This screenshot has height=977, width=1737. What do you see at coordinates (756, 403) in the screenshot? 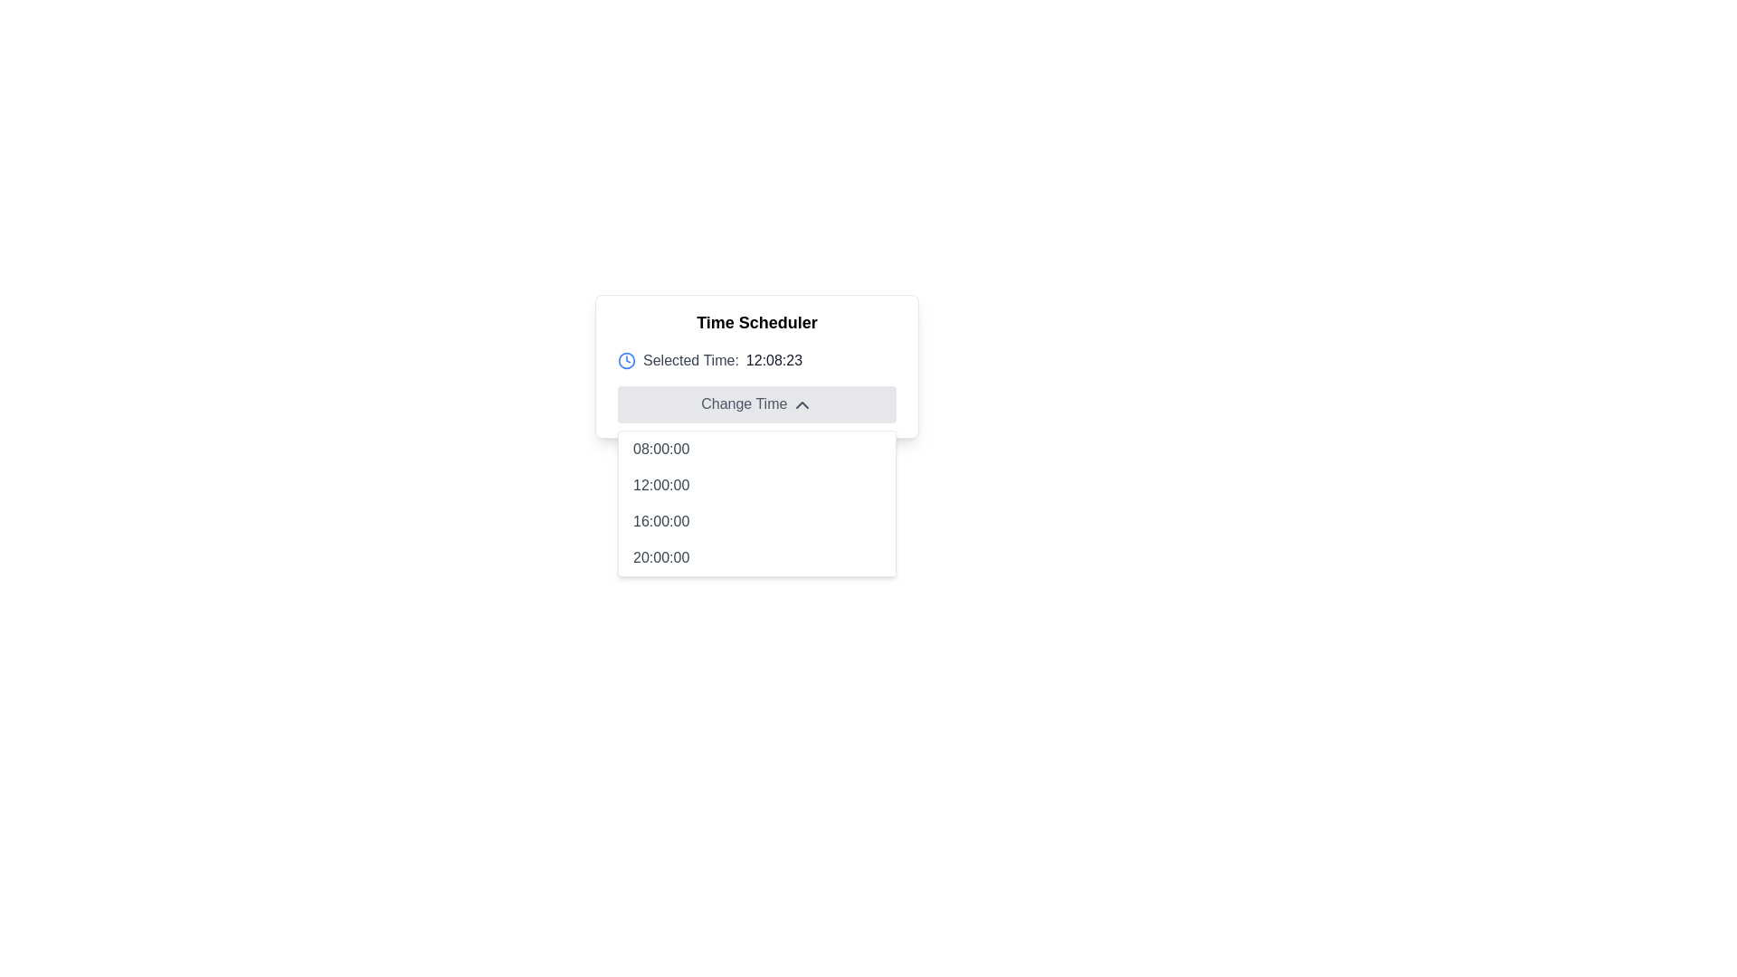
I see `the 'Change Time' dropdown toggle button, which is styled with a gray background and rounded corners, located below the 'Selected Time: 12:08:23' text in the 'Time Scheduler' card` at bounding box center [756, 403].